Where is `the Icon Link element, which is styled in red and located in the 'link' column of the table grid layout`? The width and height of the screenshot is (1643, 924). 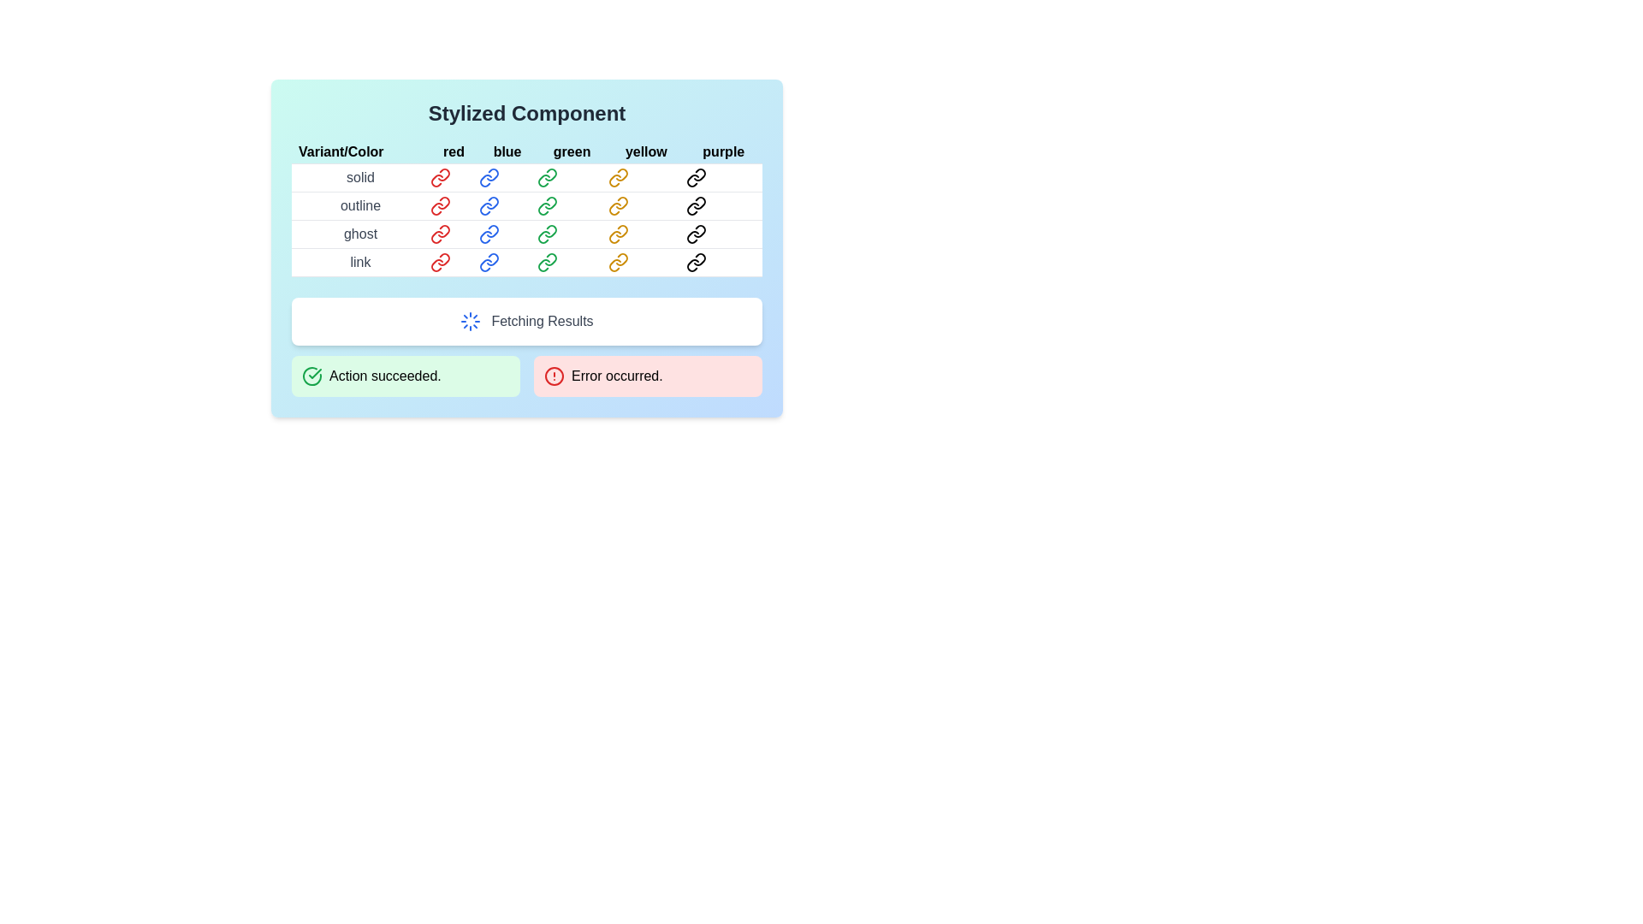
the Icon Link element, which is styled in red and located in the 'link' column of the table grid layout is located at coordinates (454, 263).